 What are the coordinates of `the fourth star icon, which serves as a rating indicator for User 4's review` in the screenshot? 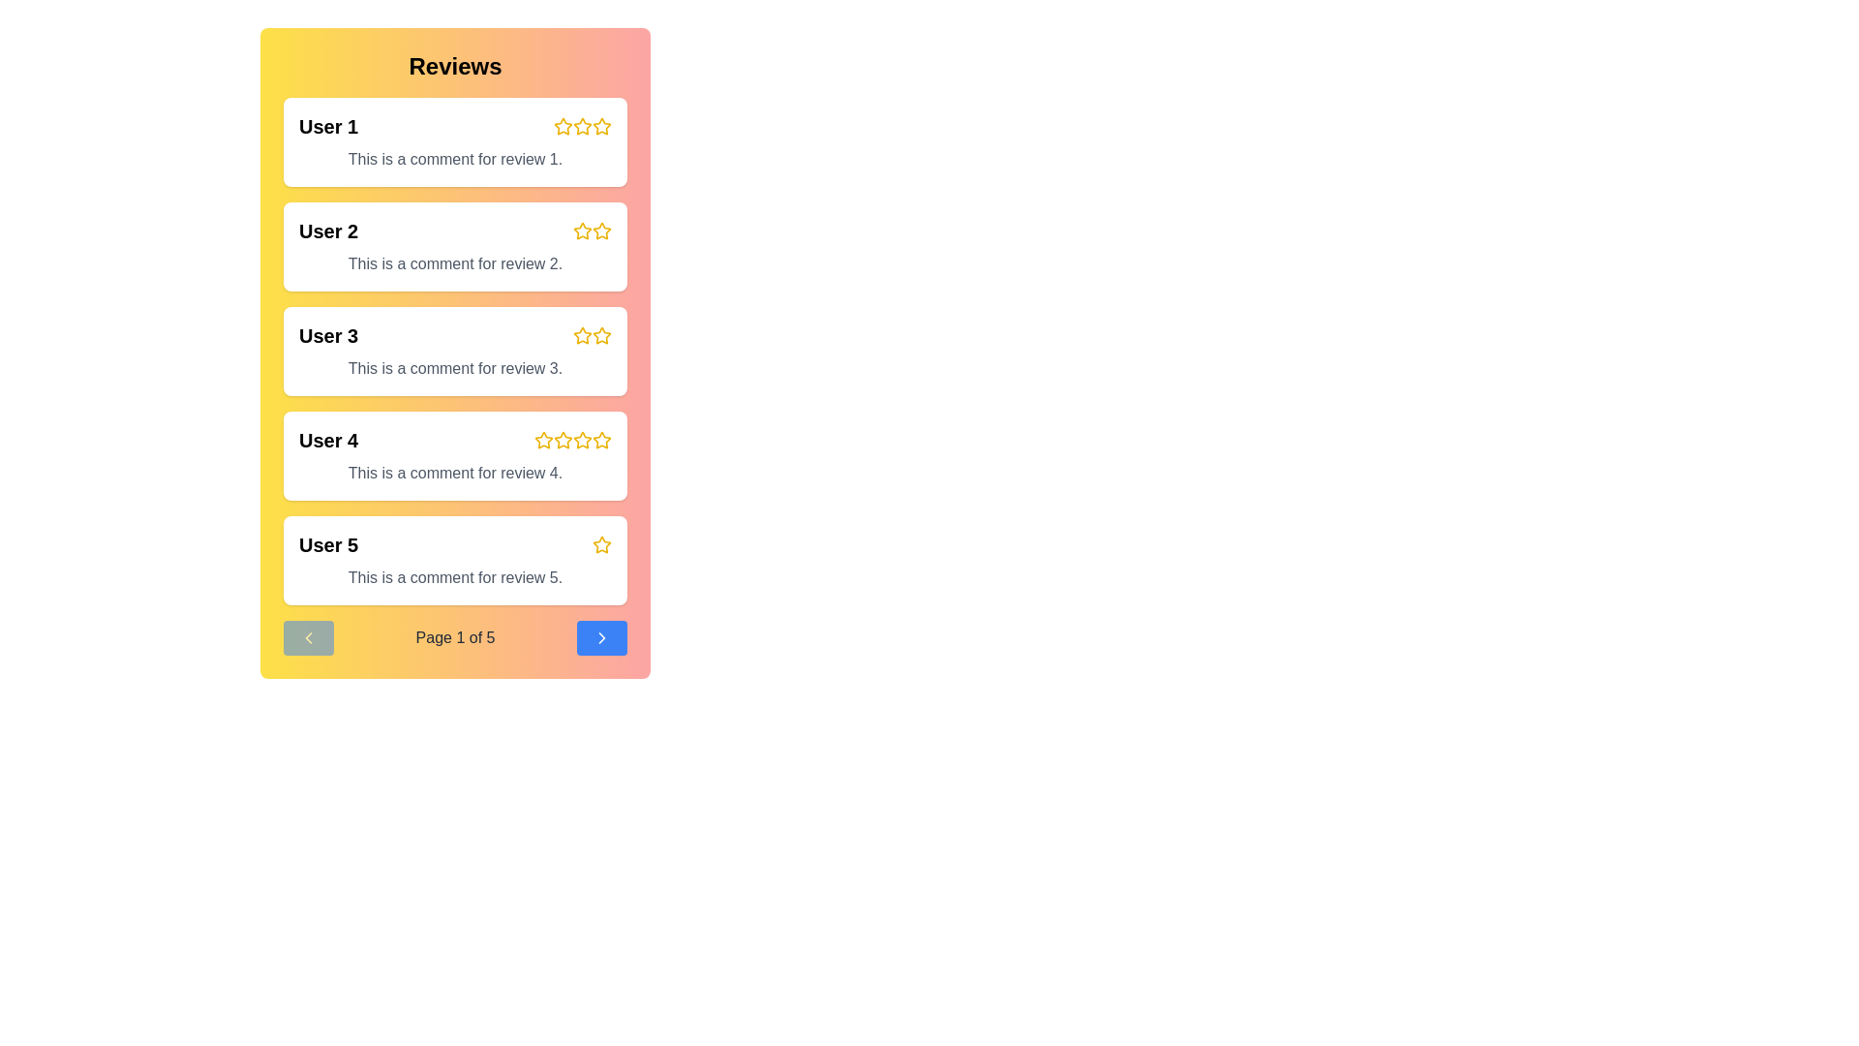 It's located at (581, 441).